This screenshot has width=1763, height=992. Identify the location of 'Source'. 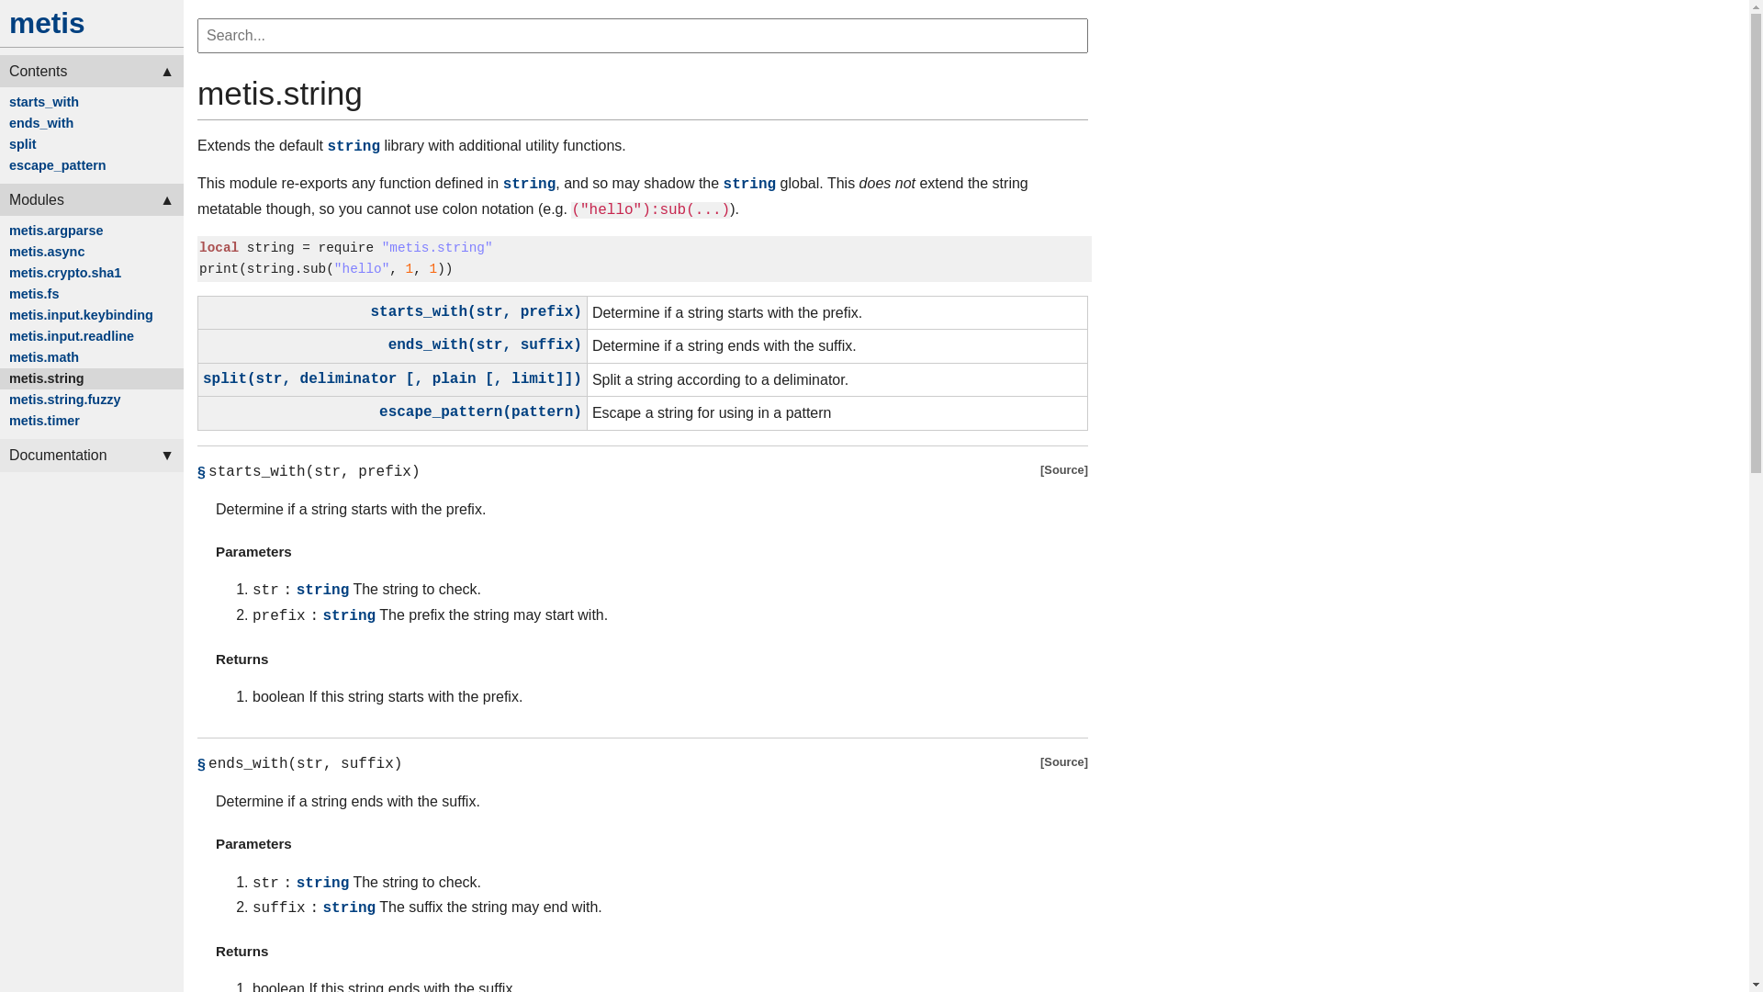
(1063, 472).